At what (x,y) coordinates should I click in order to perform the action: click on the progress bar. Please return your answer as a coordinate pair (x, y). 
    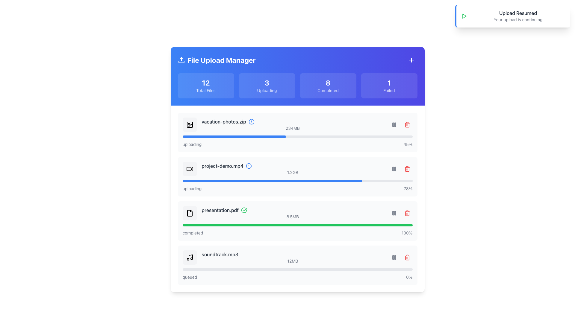
    Looking at the image, I should click on (231, 136).